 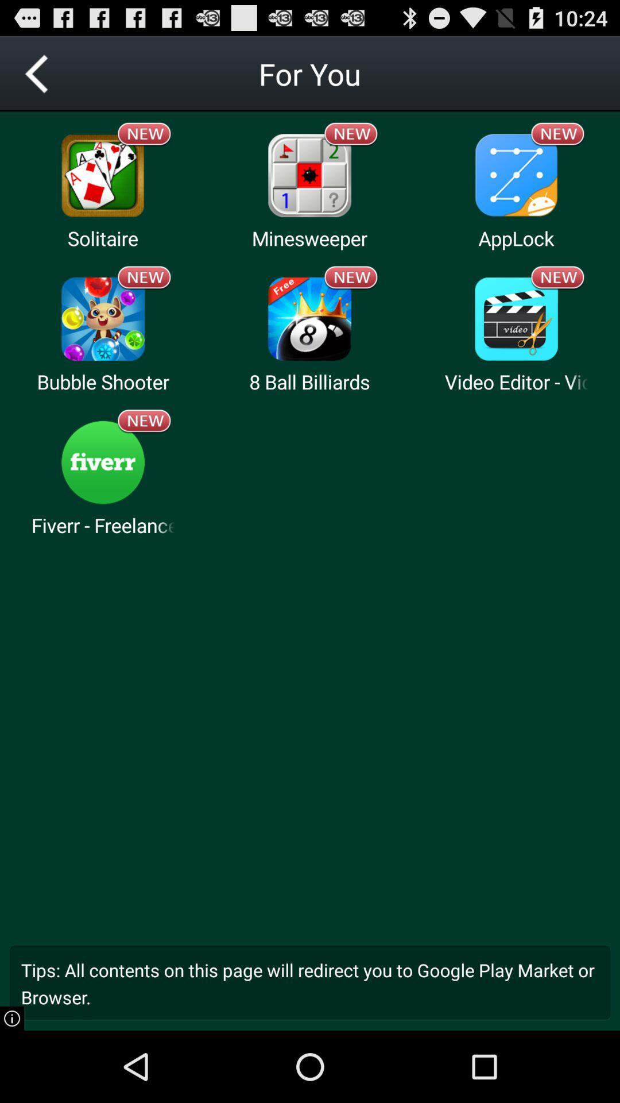 What do you see at coordinates (102, 462) in the screenshot?
I see `fiverr` at bounding box center [102, 462].